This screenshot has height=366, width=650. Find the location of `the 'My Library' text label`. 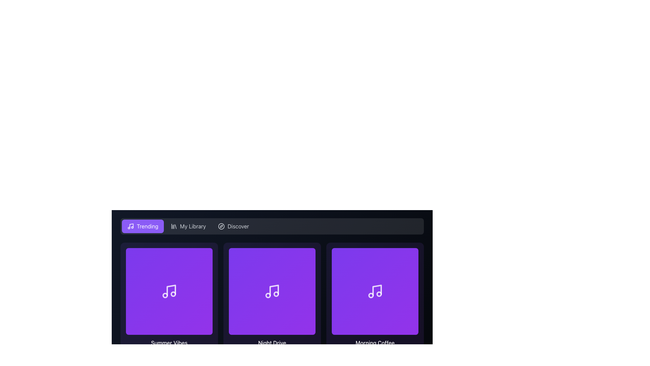

the 'My Library' text label is located at coordinates (193, 226).